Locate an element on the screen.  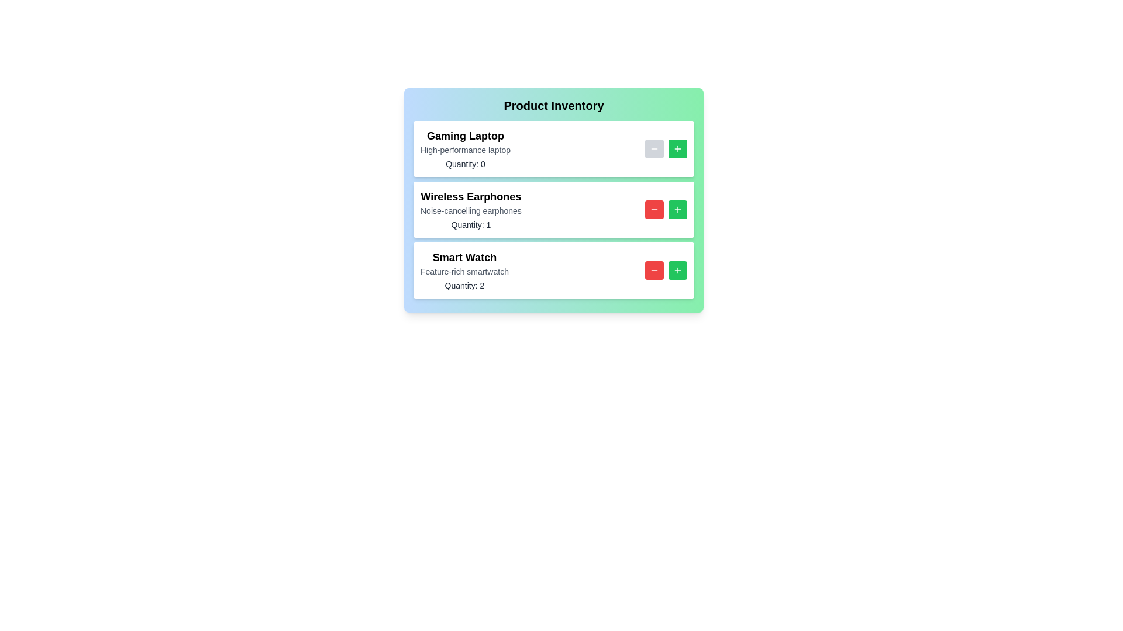
minus button for the product identified by Smart Watch is located at coordinates (653, 270).